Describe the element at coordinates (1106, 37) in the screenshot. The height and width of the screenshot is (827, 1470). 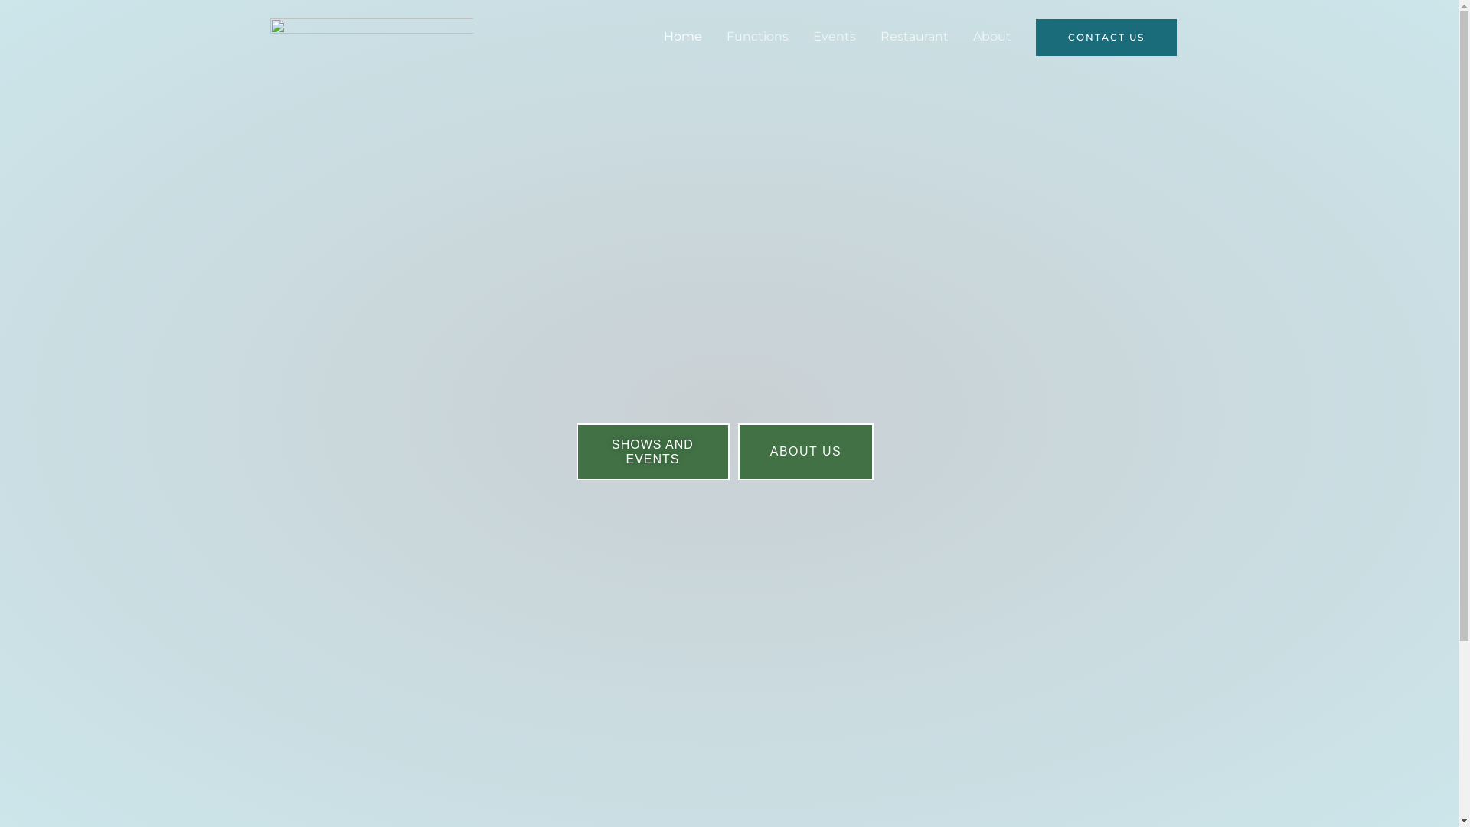
I see `'CONTACT US'` at that location.